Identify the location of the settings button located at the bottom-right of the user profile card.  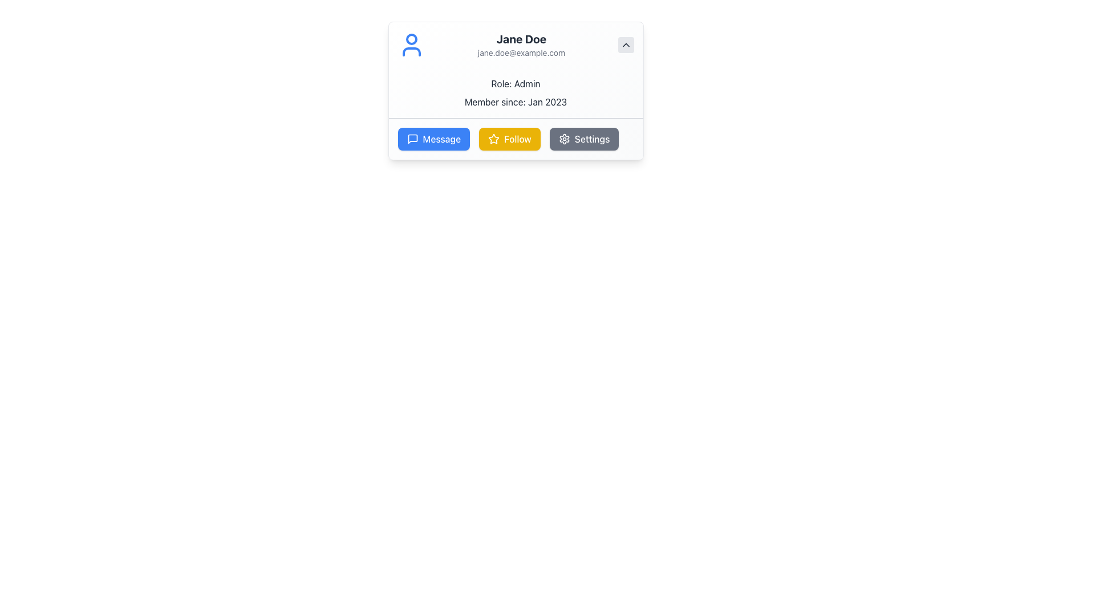
(584, 138).